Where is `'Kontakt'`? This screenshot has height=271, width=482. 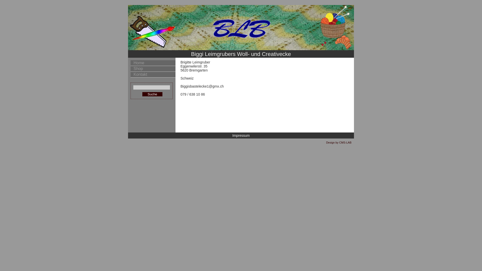 'Kontakt' is located at coordinates (153, 75).